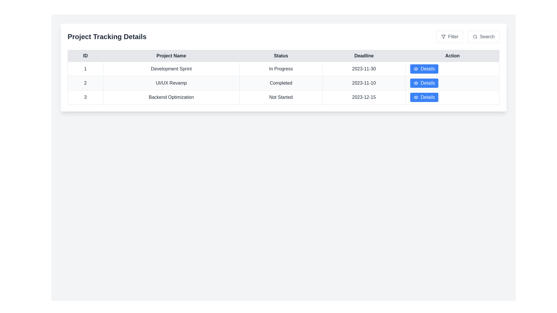 The width and height of the screenshot is (557, 313). Describe the element at coordinates (171, 56) in the screenshot. I see `the 'Project Name' header text label element, which is the second column header in the table, located between 'ID' and 'Status'` at that location.